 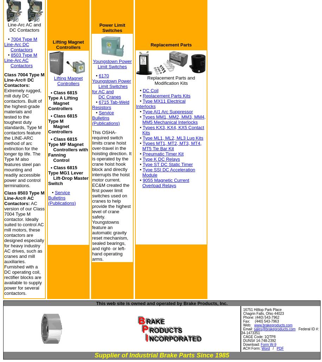 I want to click on 'Class 7004 Type M Line-Arc® DC Contactors:', so click(x=24, y=80).